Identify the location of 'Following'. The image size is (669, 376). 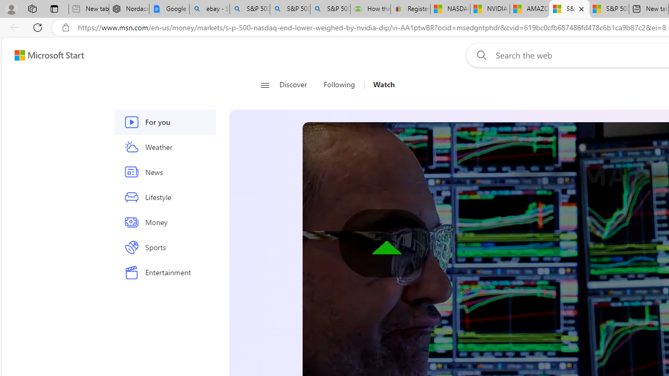
(339, 85).